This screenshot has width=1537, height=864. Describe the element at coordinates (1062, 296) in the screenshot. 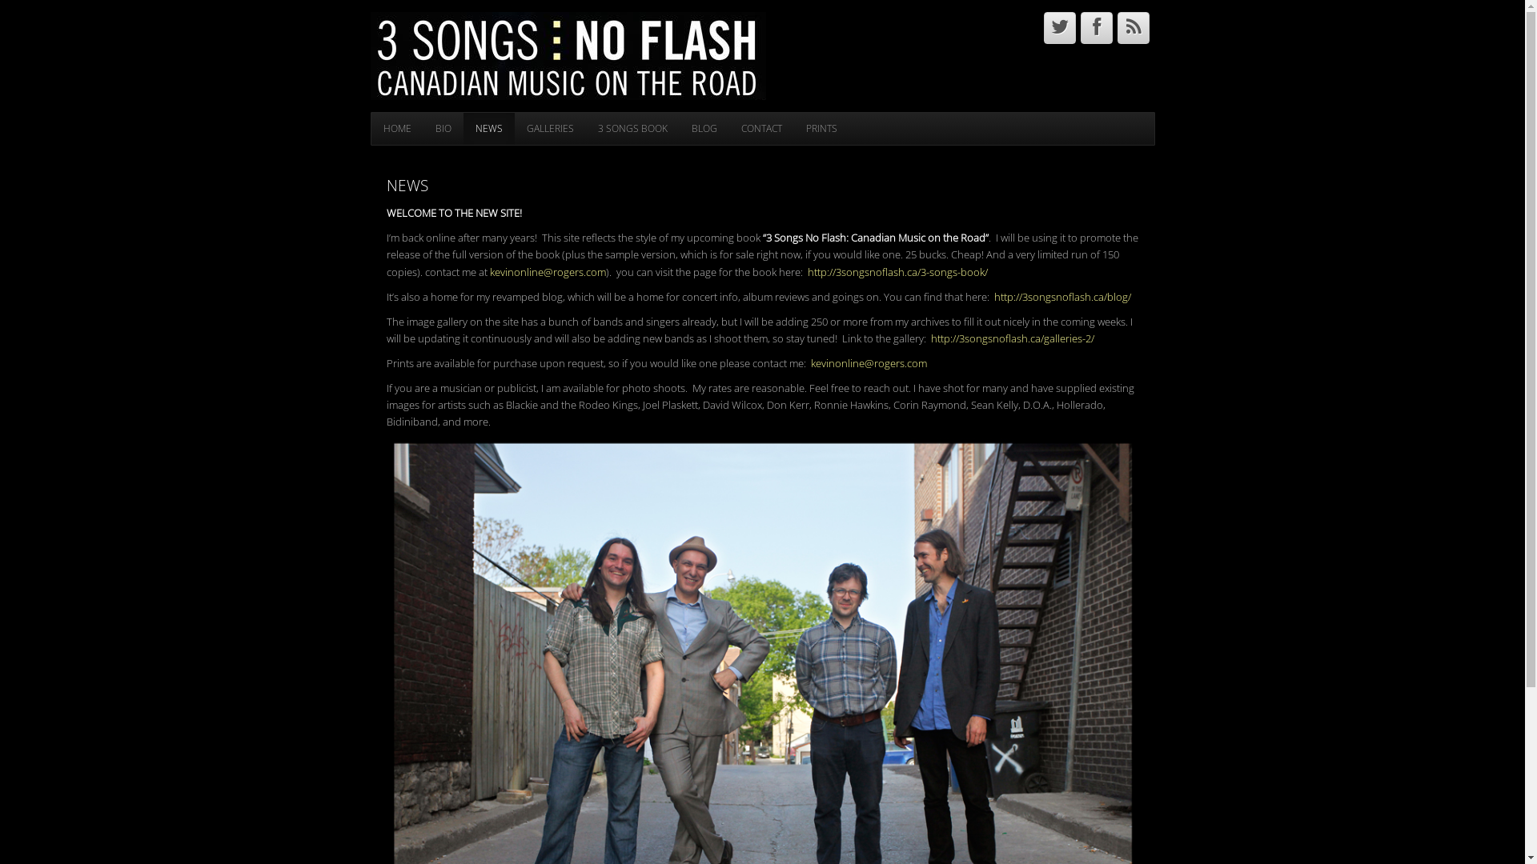

I see `'http://3songsnoflash.ca/blog/'` at that location.